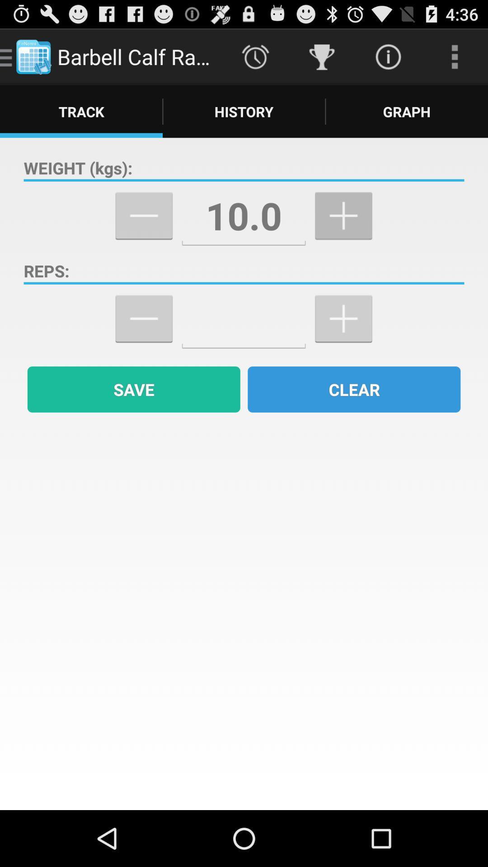 This screenshot has width=488, height=867. Describe the element at coordinates (143, 340) in the screenshot. I see `the minus icon` at that location.